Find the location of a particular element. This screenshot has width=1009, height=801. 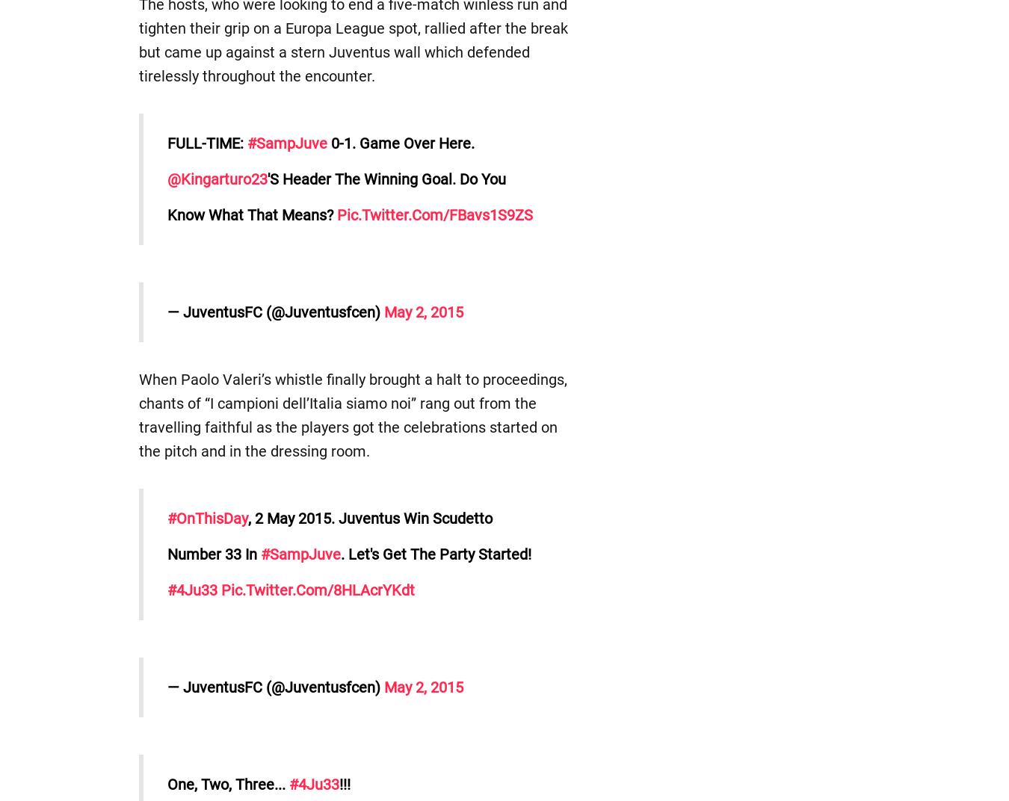

', 2 May 2015. Juventus win Scudetto number 33 in' is located at coordinates (167, 536).